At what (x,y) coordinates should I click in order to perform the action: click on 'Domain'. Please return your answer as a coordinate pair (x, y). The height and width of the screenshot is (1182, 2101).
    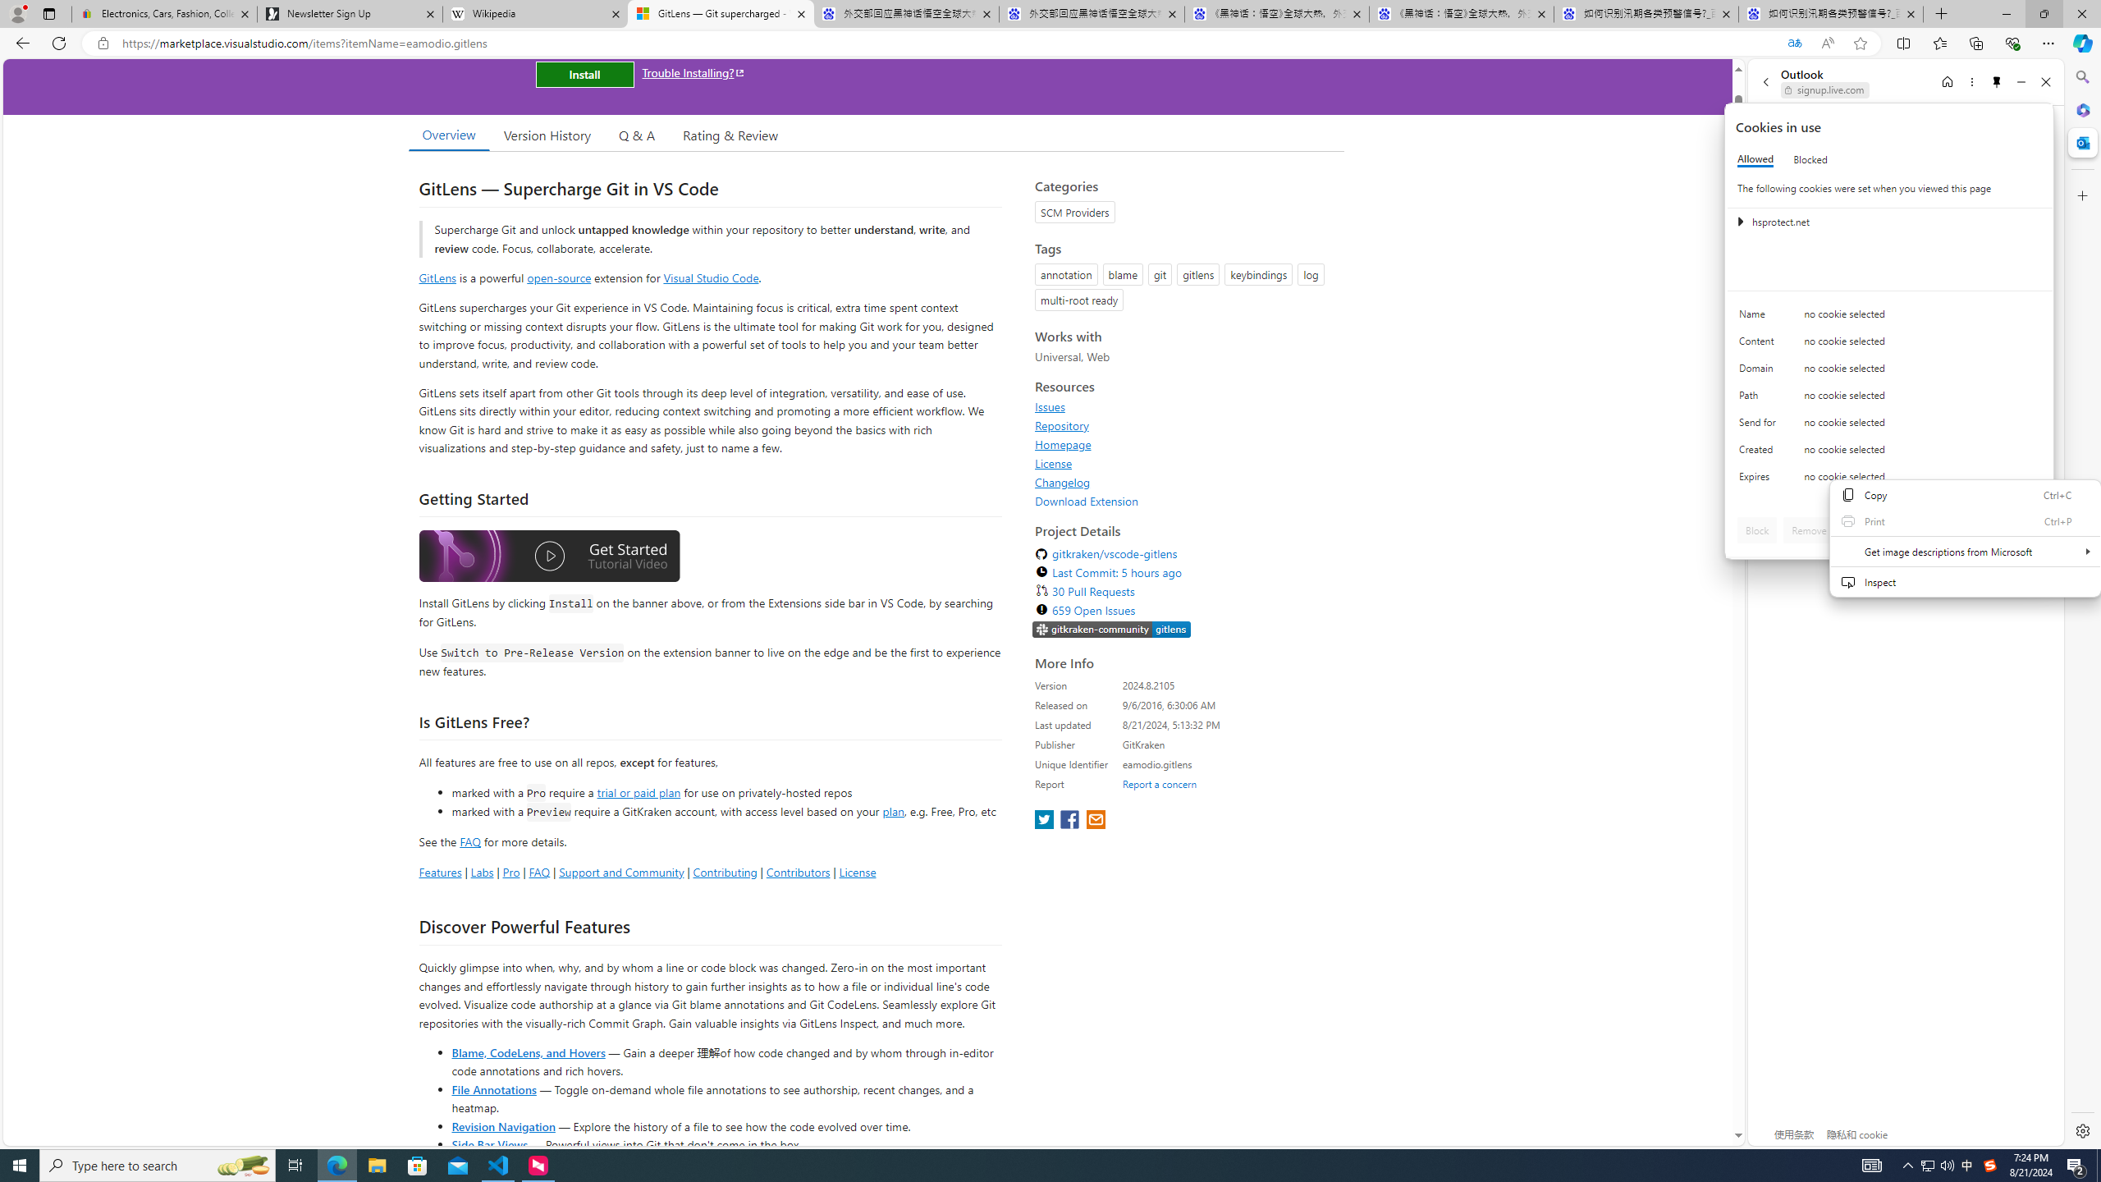
    Looking at the image, I should click on (1760, 371).